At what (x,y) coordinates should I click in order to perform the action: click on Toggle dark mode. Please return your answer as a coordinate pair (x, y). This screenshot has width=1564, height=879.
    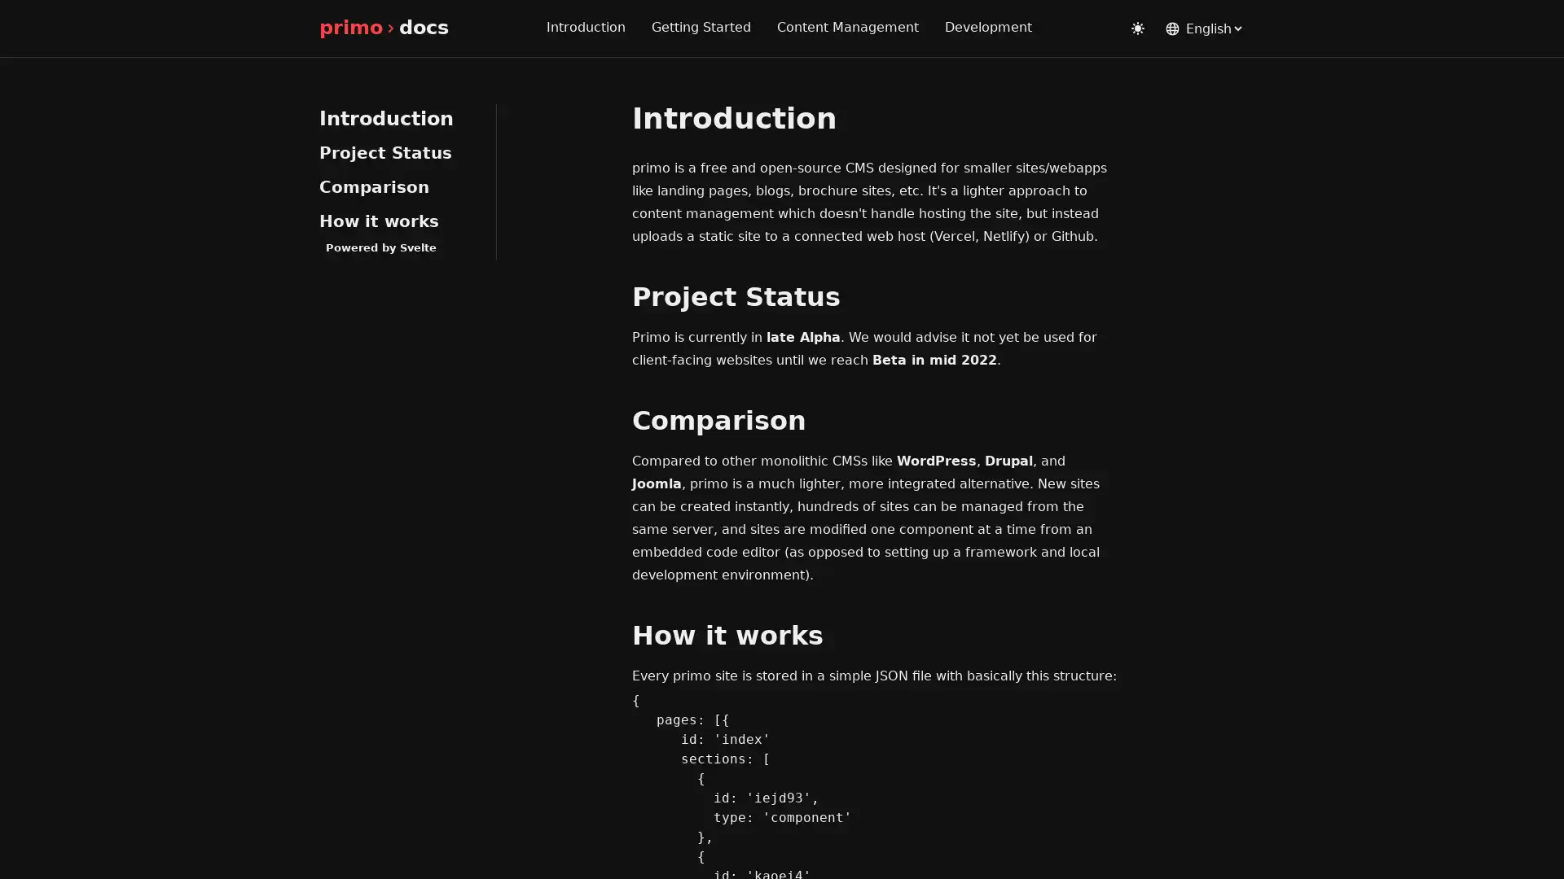
    Looking at the image, I should click on (1136, 28).